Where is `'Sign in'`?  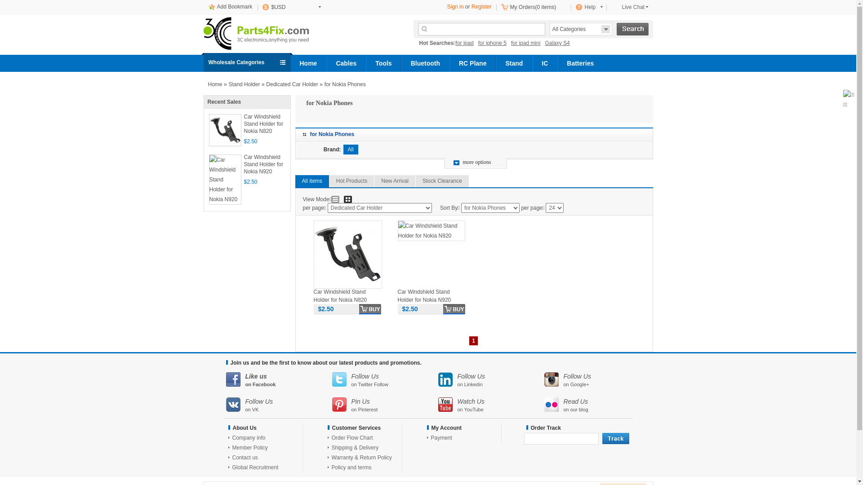
'Sign in' is located at coordinates (455, 7).